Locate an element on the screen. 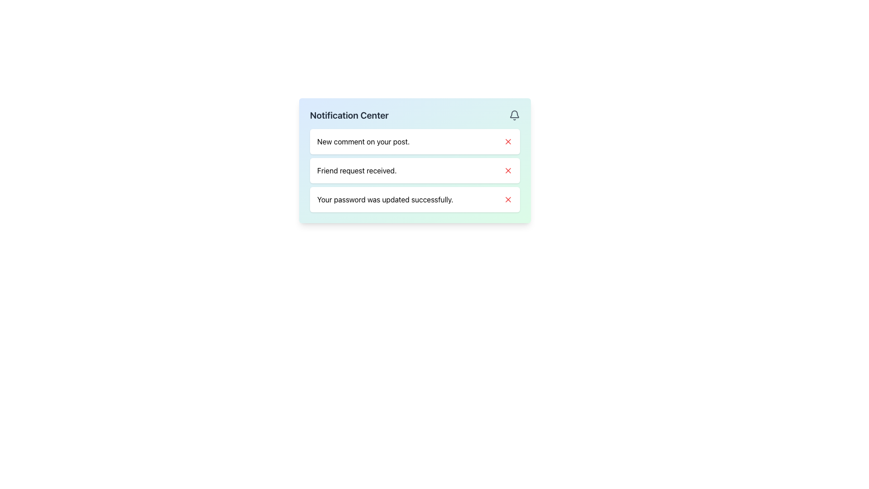 Image resolution: width=869 pixels, height=489 pixels. the notification icon located at the top right corner of the notification panel, which serves as a visual indicator for notification settings or alerts is located at coordinates (515, 114).